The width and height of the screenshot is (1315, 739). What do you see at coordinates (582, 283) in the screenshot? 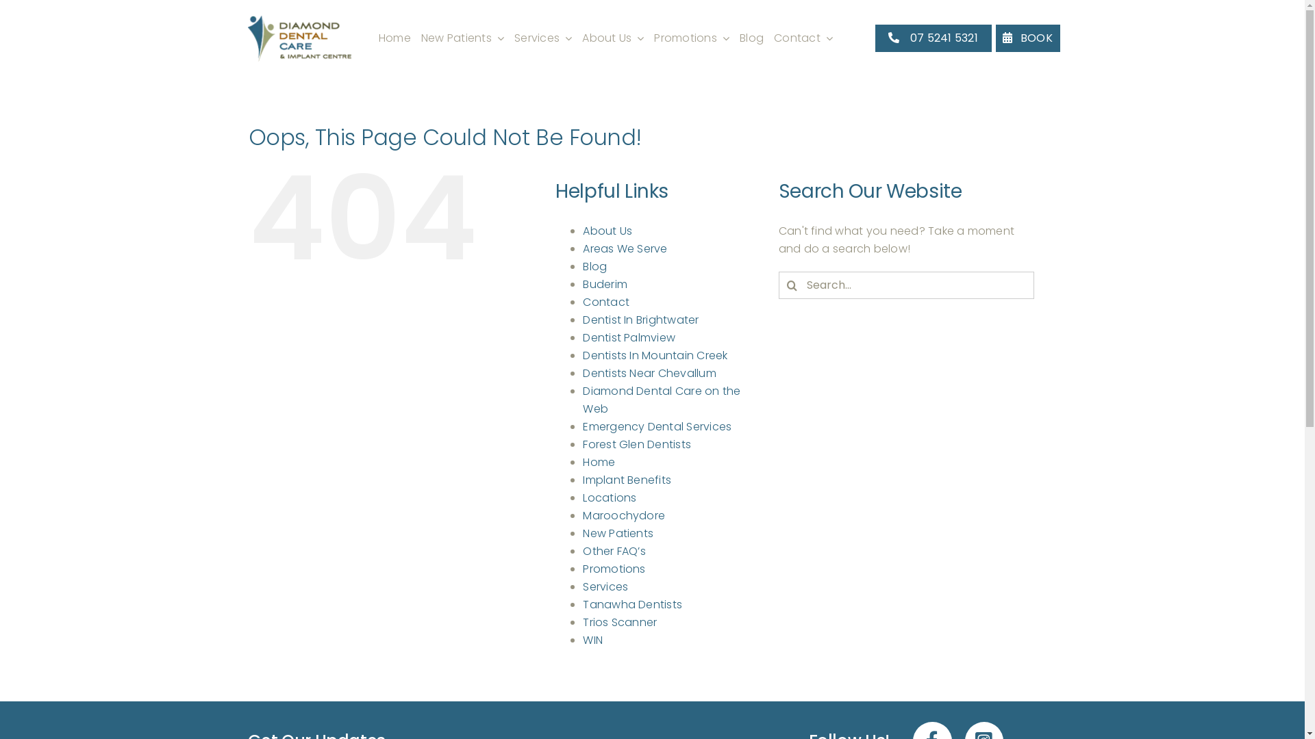
I see `'Buderim'` at bounding box center [582, 283].